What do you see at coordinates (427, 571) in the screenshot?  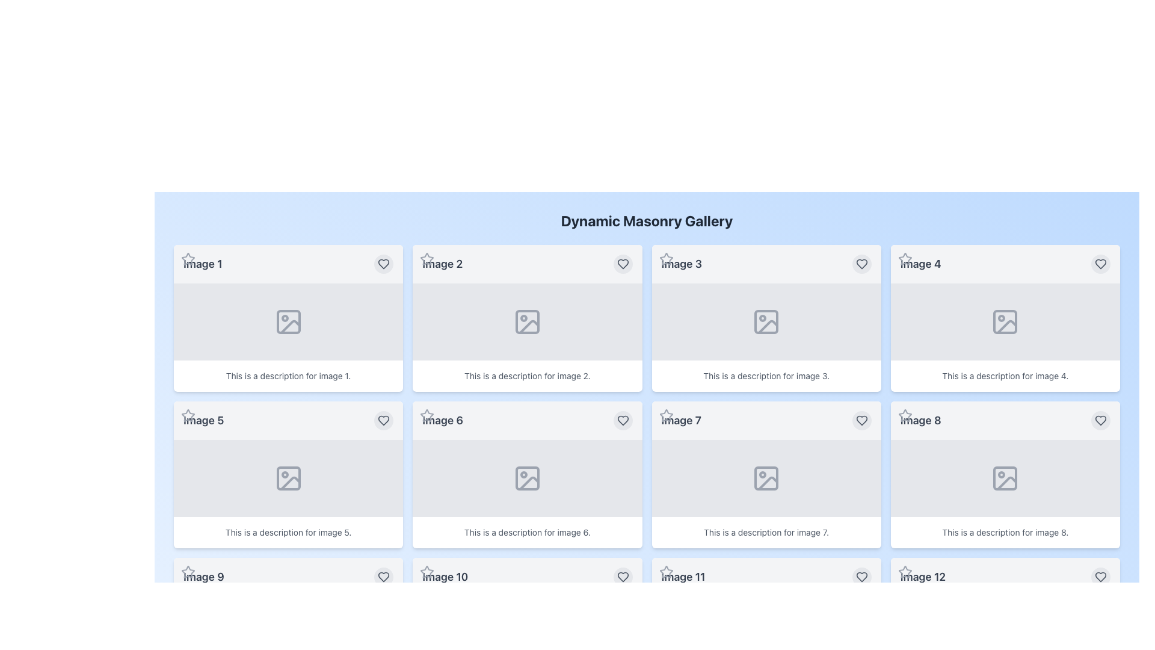 I see `the star icon located in the top-left corner of the 'Image 10' card` at bounding box center [427, 571].